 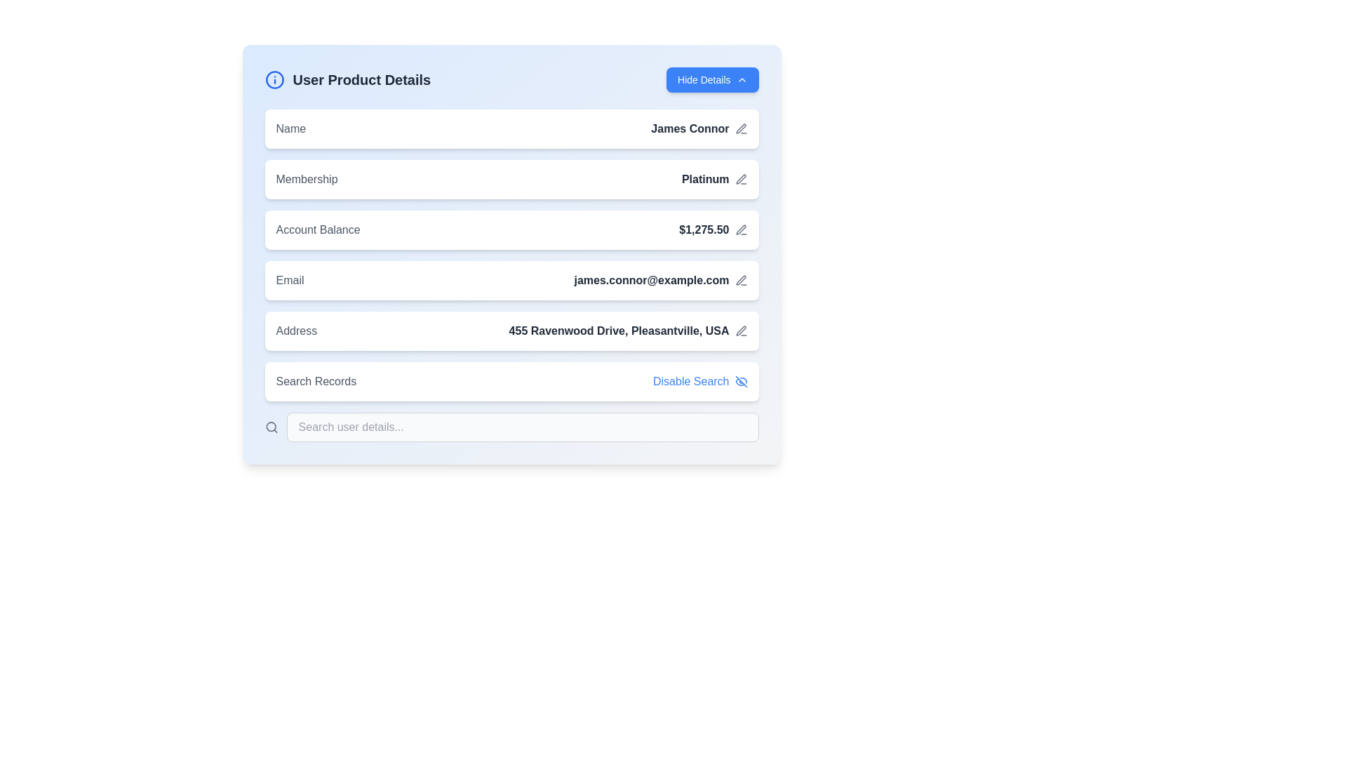 I want to click on the icon button located to the right of the 'Platinum' label in the 'Membership' row to initiate editing the membership level, so click(x=740, y=178).